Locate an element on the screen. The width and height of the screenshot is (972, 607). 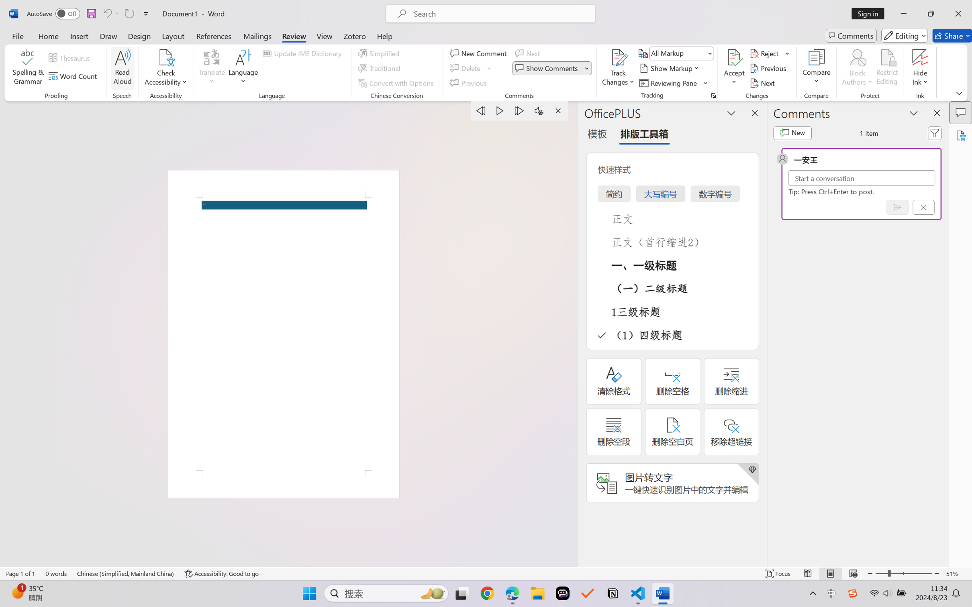
'Show Comments' is located at coordinates (552, 68).